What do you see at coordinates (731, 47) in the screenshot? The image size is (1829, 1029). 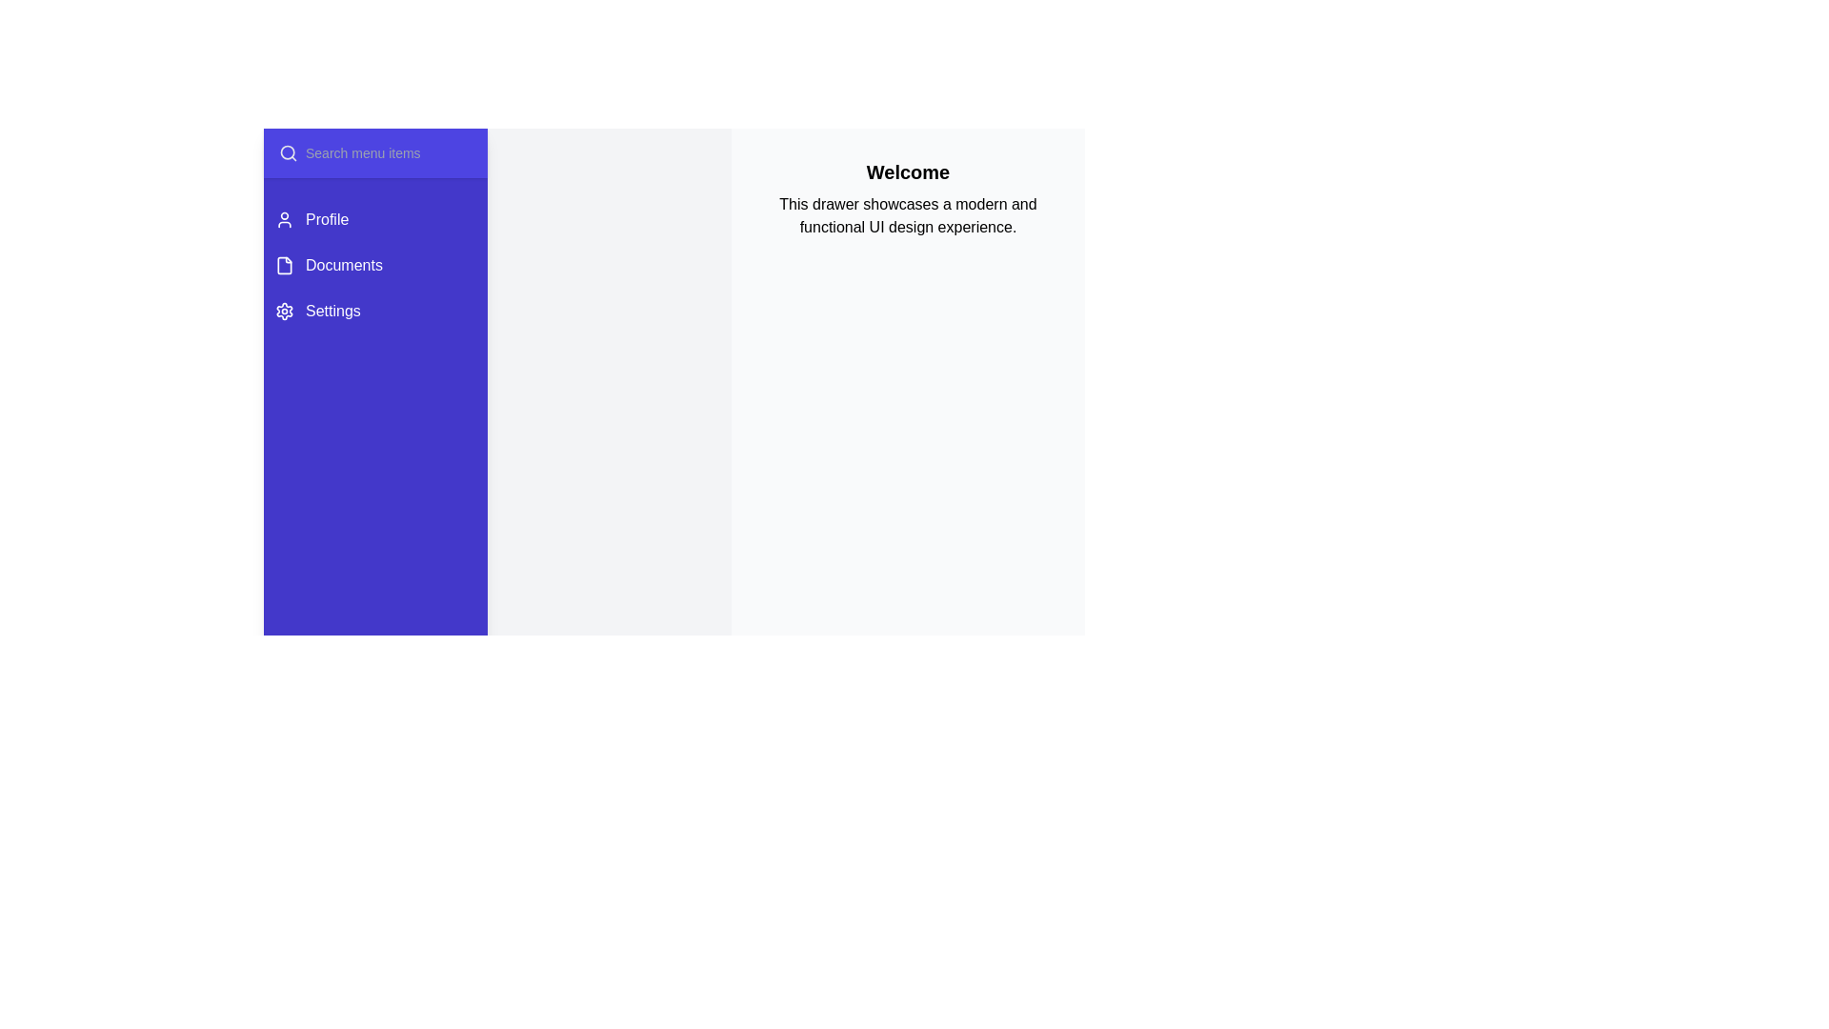 I see `the toggle button in the header to toggle the drawer state` at bounding box center [731, 47].